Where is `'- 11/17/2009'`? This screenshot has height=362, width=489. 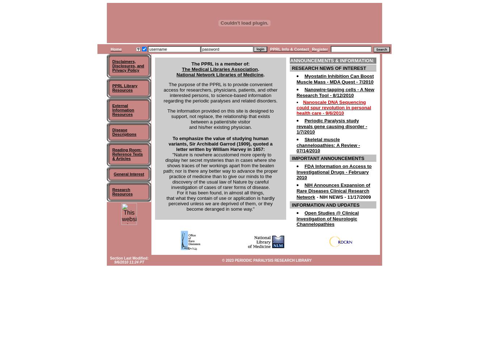 '- 11/17/2009' is located at coordinates (343, 197).